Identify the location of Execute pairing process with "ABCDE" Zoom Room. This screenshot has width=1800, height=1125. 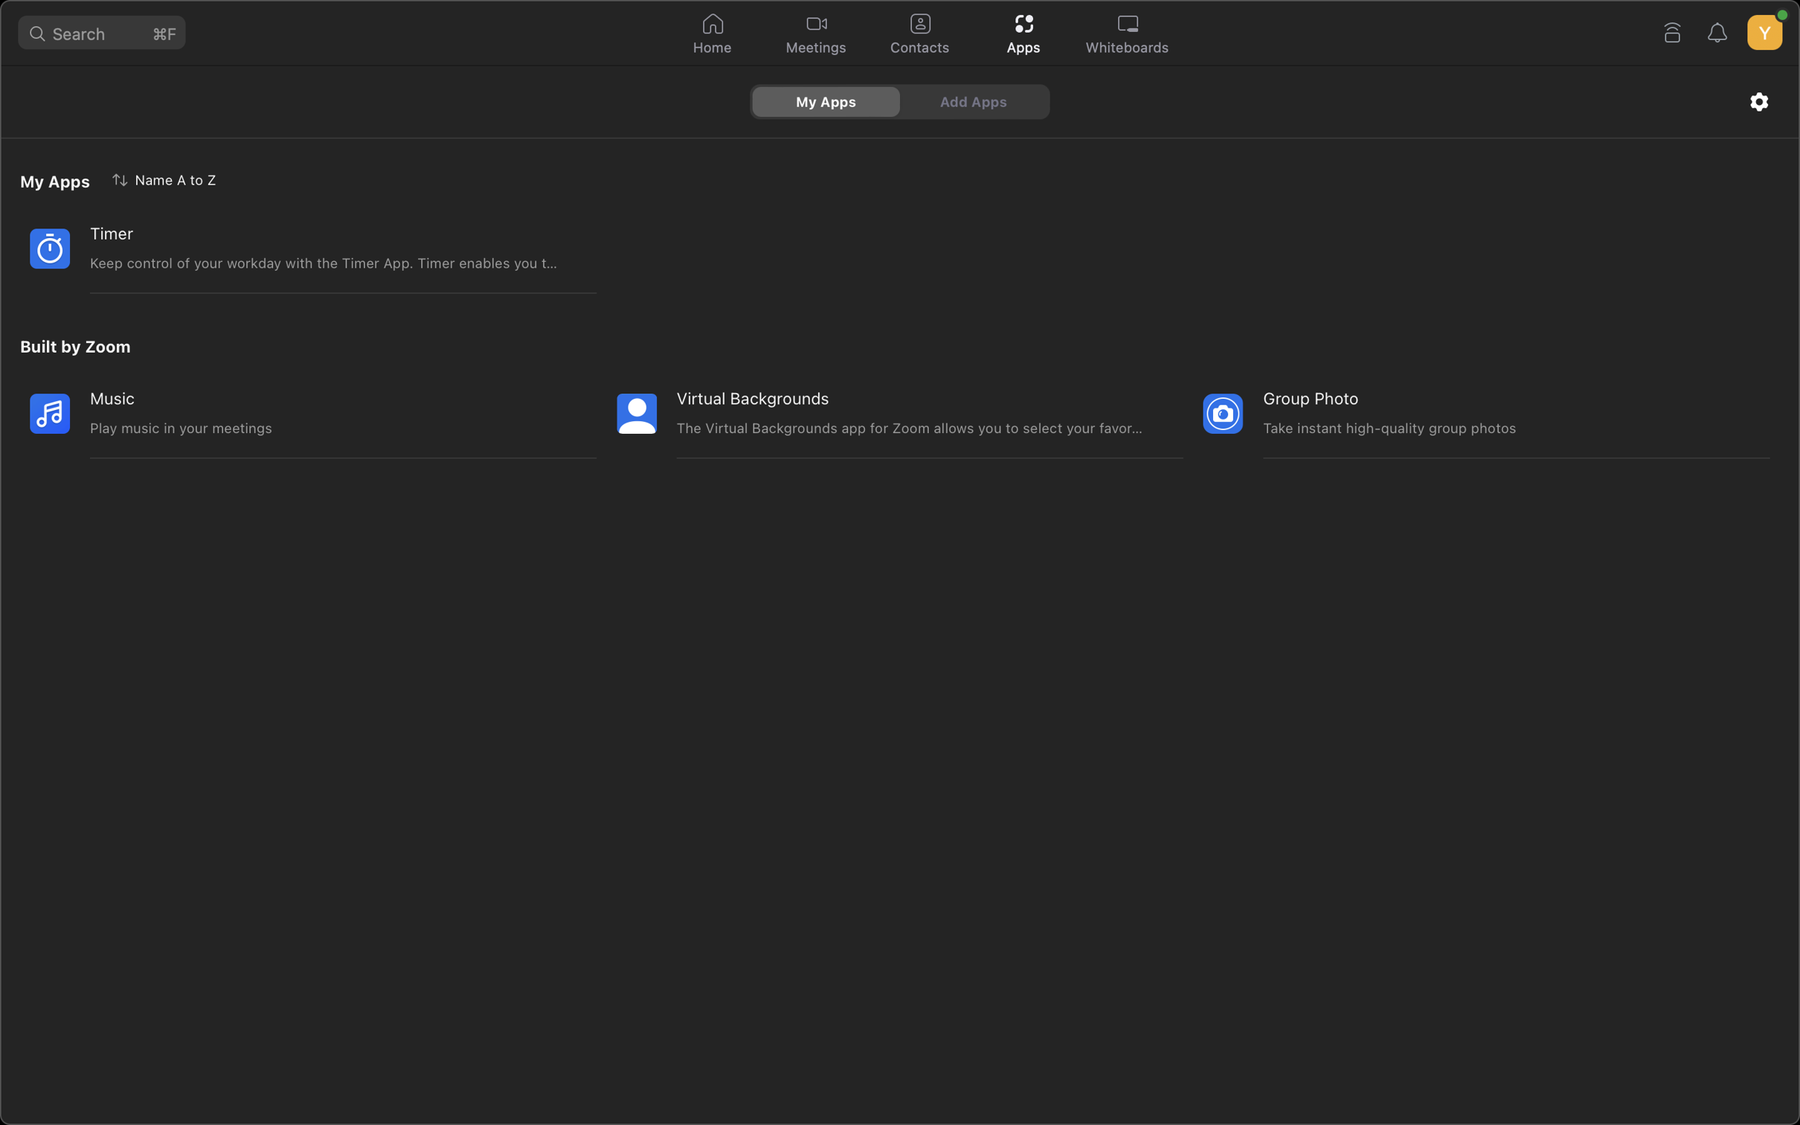
(1671, 31).